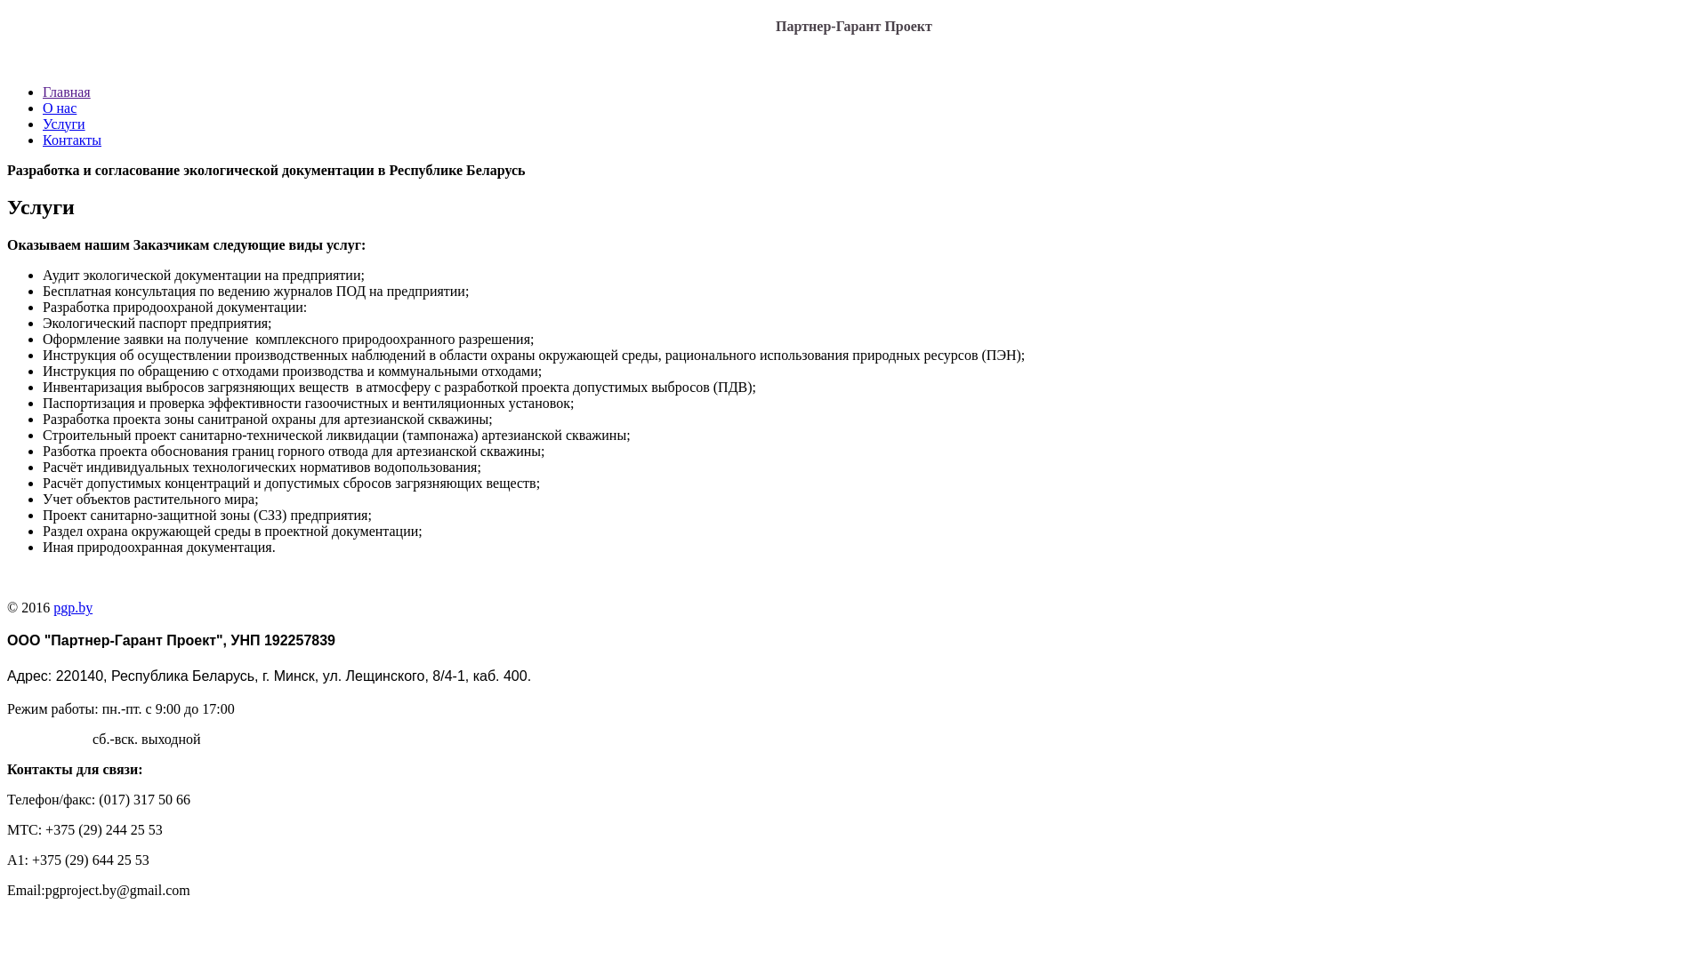  Describe the element at coordinates (56, 606) in the screenshot. I see `'p'` at that location.